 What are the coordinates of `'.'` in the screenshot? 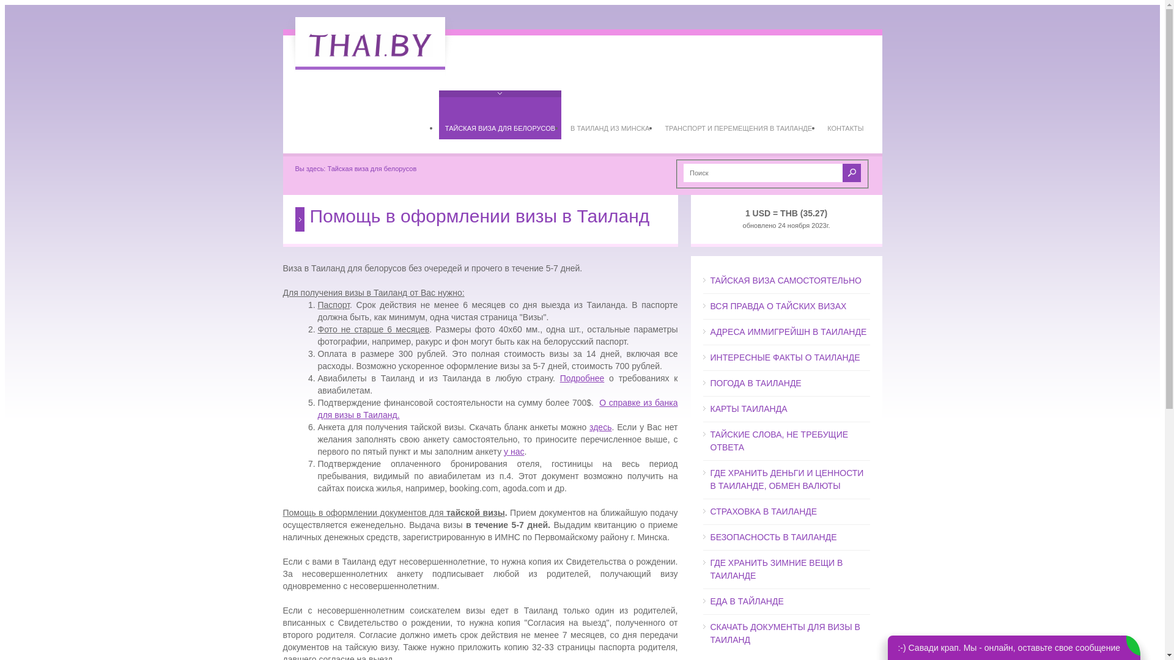 It's located at (399, 414).